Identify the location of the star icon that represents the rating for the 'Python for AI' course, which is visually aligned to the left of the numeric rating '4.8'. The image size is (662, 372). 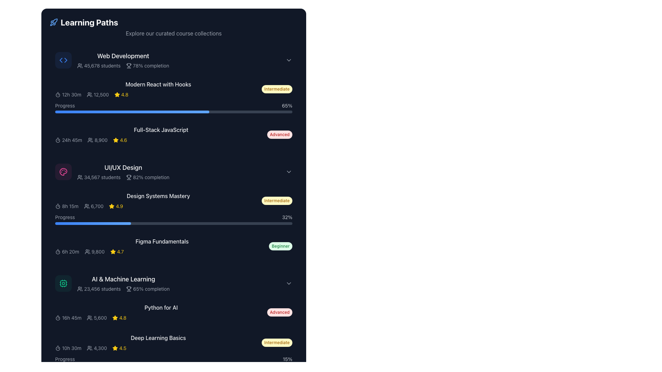
(115, 318).